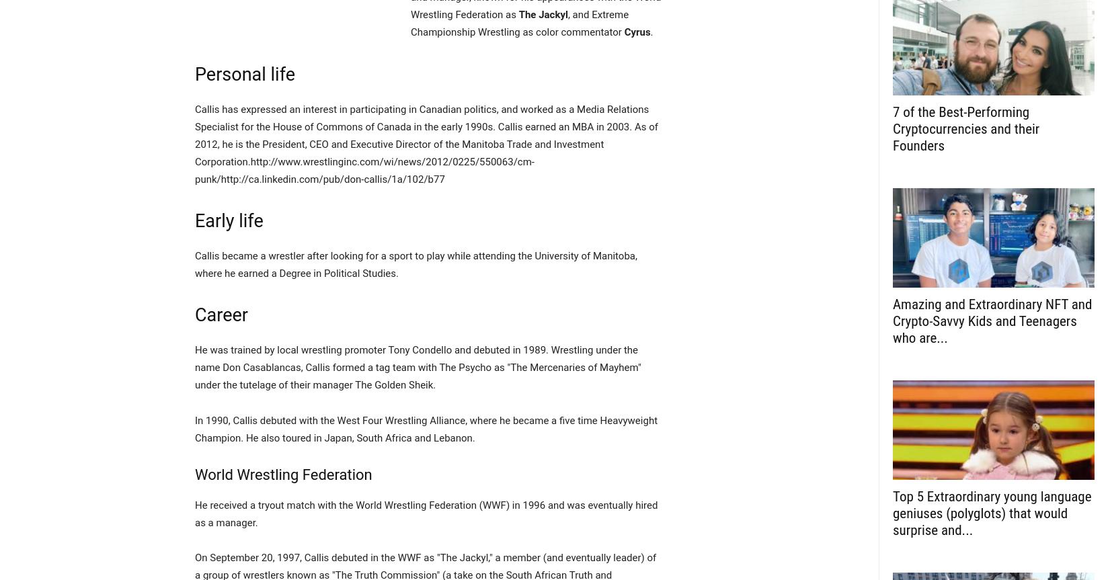 This screenshot has width=1108, height=580. I want to click on ', and Extreme Championship Wrestling as color commentator', so click(519, 24).